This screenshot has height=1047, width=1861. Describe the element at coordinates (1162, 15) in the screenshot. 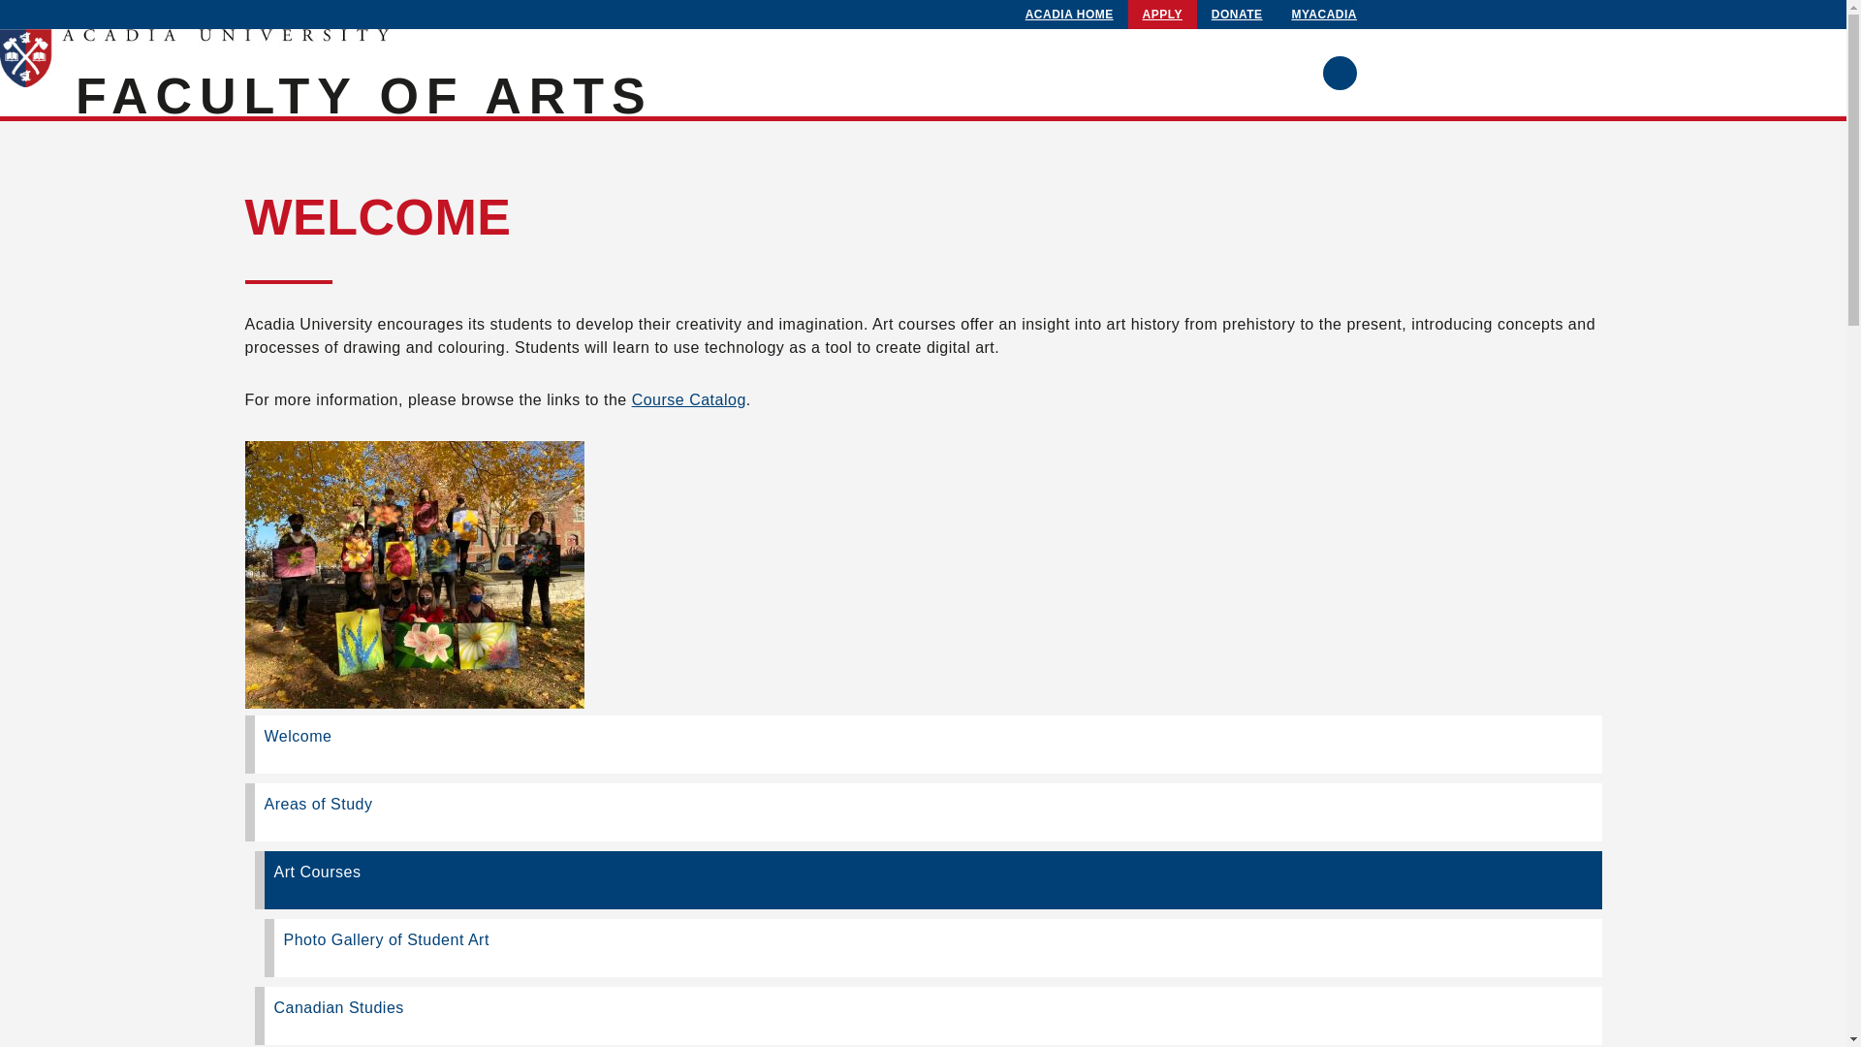

I see `'APPLY'` at that location.